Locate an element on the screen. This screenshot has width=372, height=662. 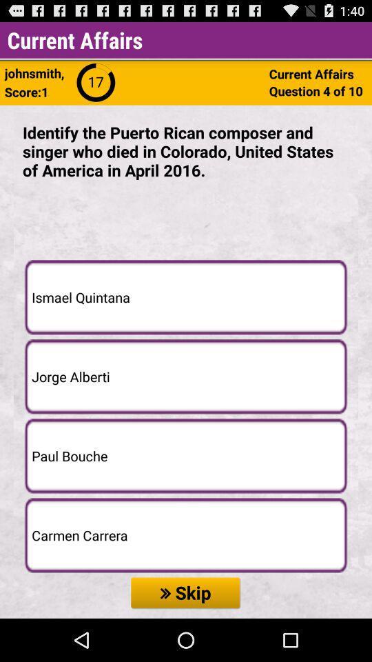
the item below the ismael quintana icon is located at coordinates (186, 377).